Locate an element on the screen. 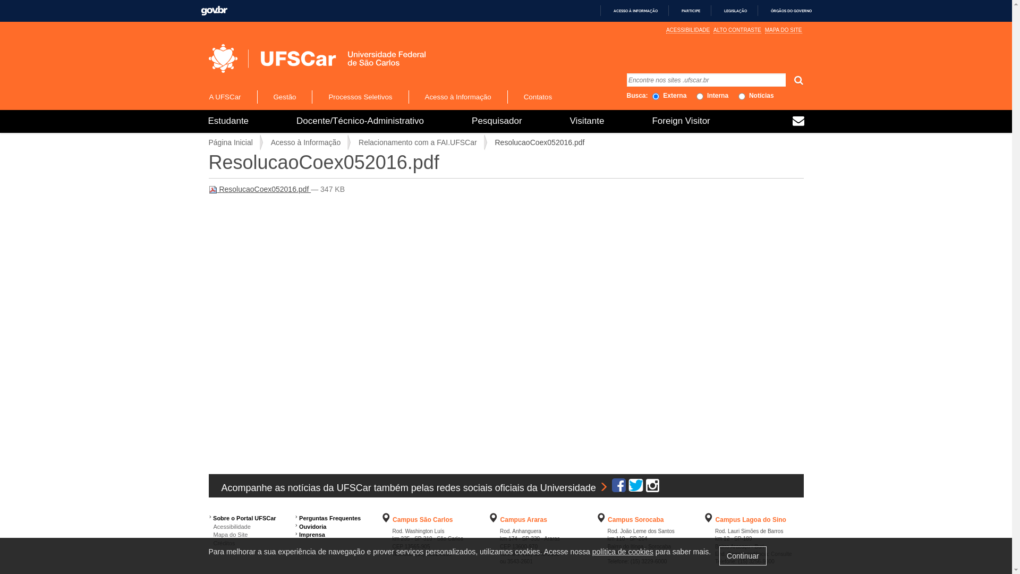 This screenshot has height=574, width=1020. 'MAPA DO SITE' is located at coordinates (765, 30).